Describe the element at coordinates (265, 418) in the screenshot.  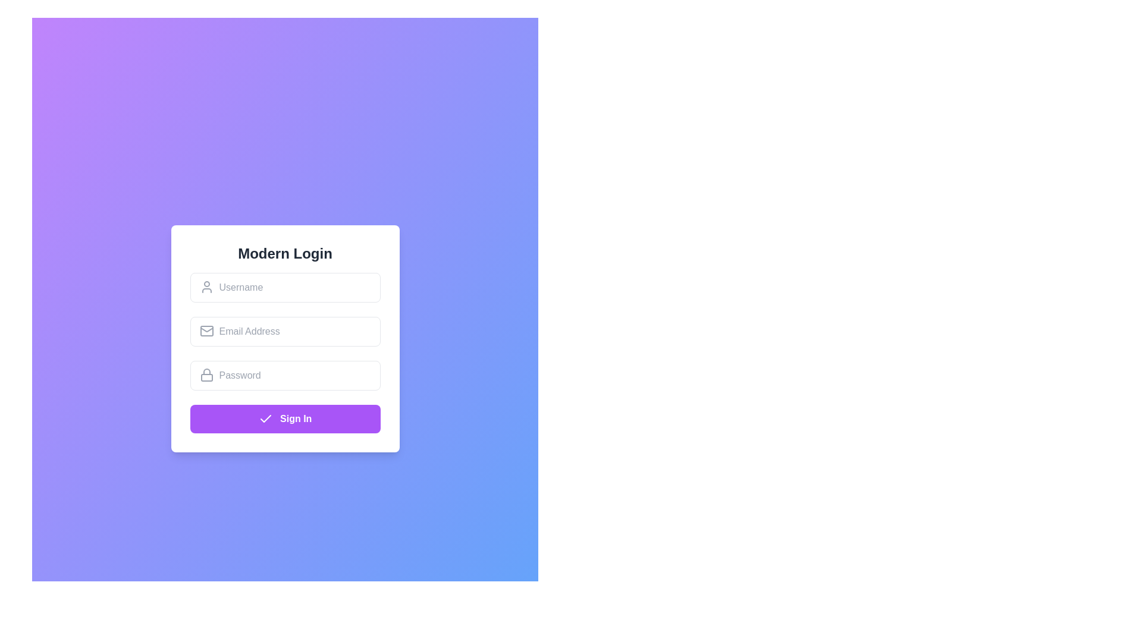
I see `the checkmark icon with a purple background located to the left of the 'Sign In' text on the button at the bottom of the login form` at that location.